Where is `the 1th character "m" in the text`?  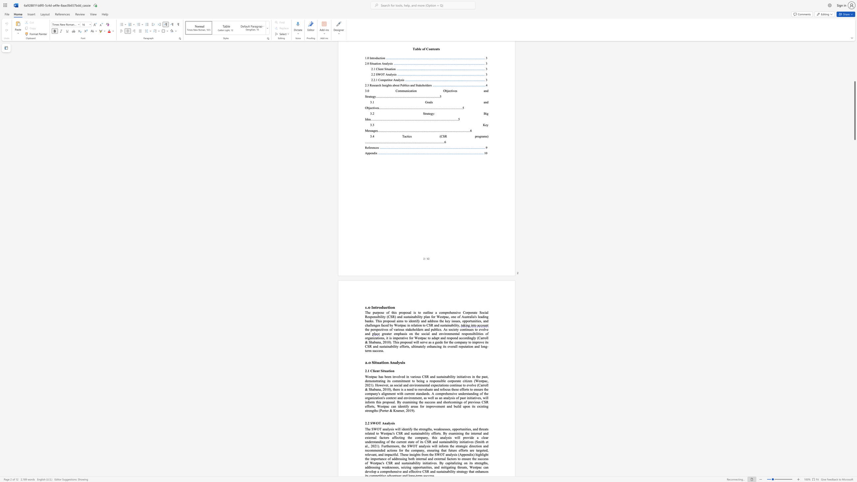
the 1th character "m" in the text is located at coordinates (417, 346).